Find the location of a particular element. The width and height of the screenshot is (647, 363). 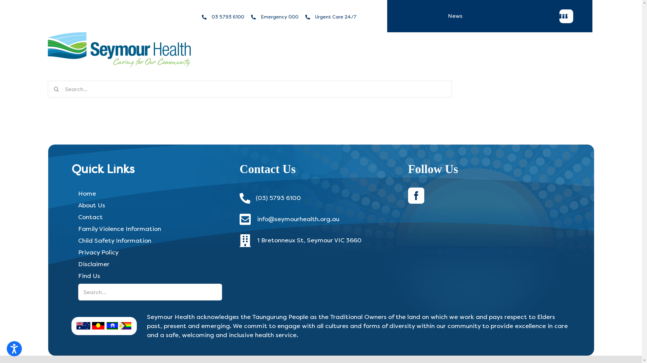

'(03) 5793 6100' is located at coordinates (255, 198).